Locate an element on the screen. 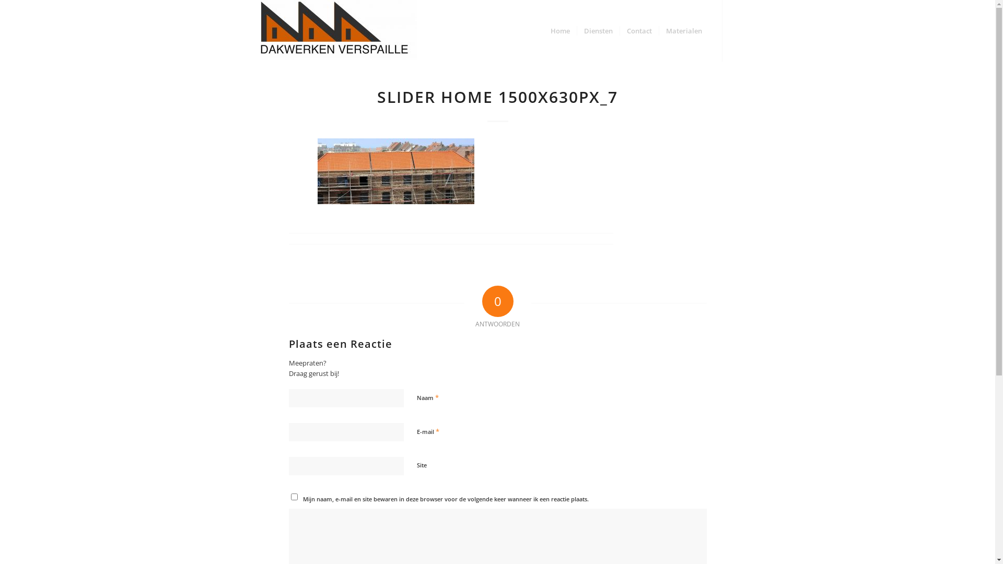 This screenshot has width=1003, height=564. 'Materialen' is located at coordinates (657, 30).